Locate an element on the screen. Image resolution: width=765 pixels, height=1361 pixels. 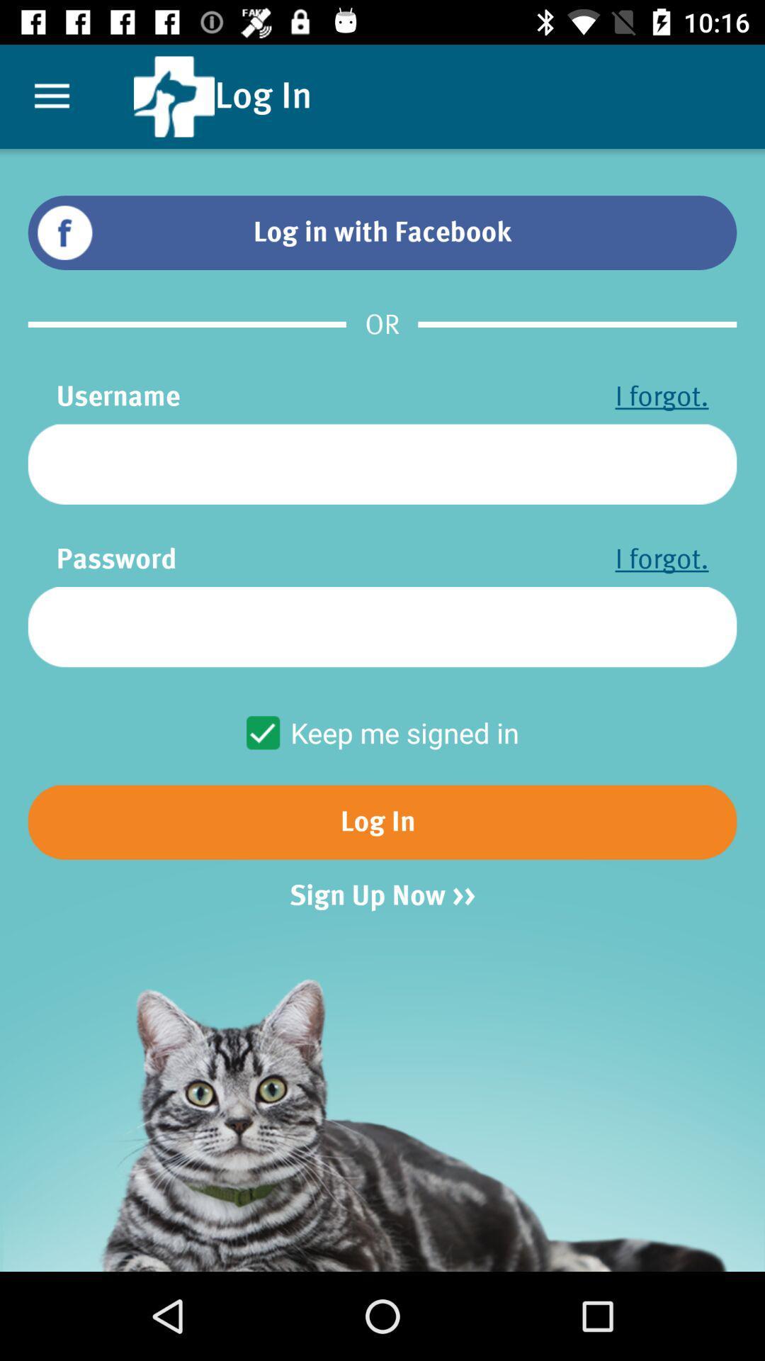
the icon below log in is located at coordinates (382, 895).